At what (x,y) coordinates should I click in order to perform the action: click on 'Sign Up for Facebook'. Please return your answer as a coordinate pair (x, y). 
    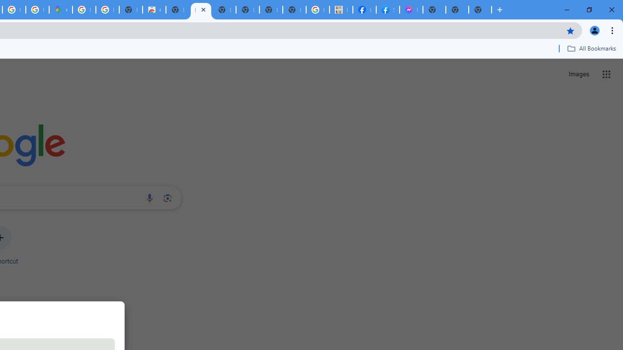
    Looking at the image, I should click on (387, 10).